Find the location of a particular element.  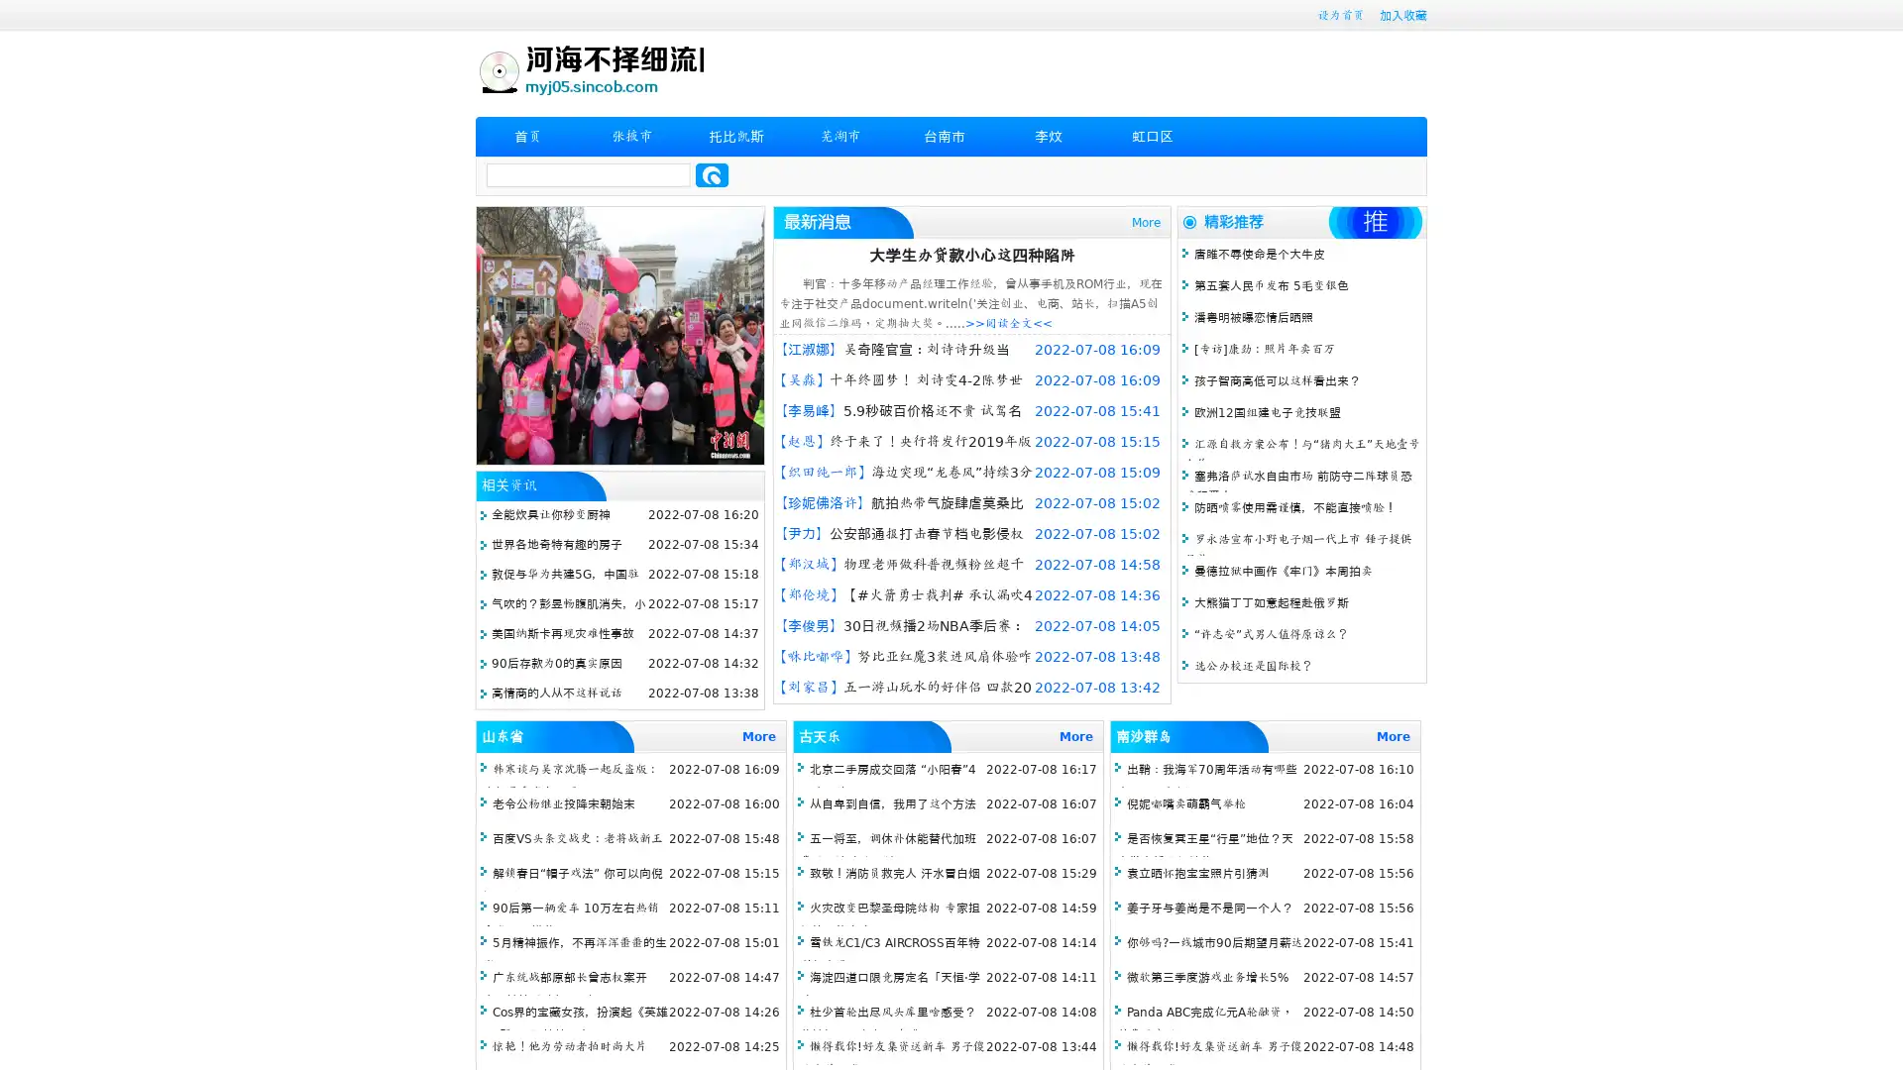

Search is located at coordinates (712, 174).